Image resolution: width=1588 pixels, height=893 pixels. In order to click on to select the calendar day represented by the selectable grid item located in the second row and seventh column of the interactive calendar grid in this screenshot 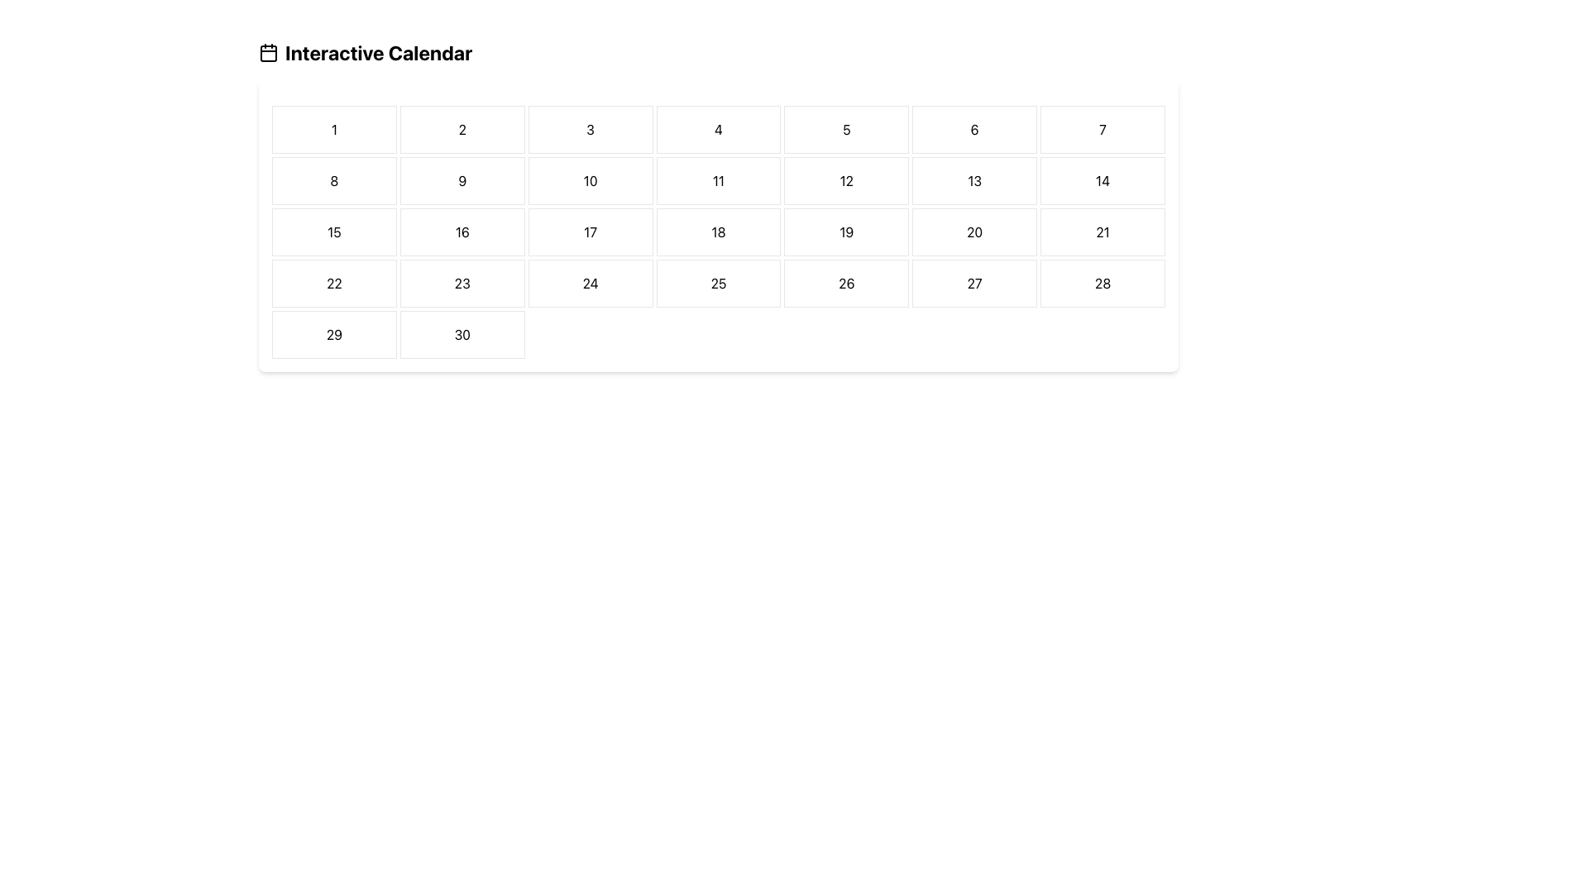, I will do `click(1103, 181)`.